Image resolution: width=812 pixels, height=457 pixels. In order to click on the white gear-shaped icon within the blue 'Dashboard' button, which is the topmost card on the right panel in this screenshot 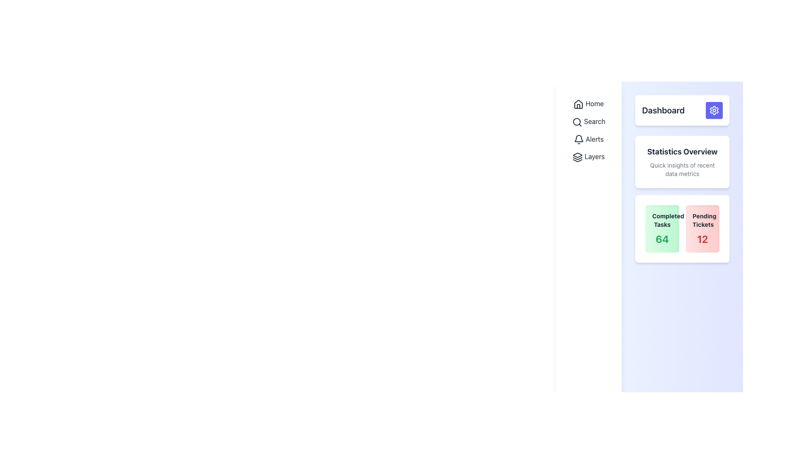, I will do `click(714, 110)`.